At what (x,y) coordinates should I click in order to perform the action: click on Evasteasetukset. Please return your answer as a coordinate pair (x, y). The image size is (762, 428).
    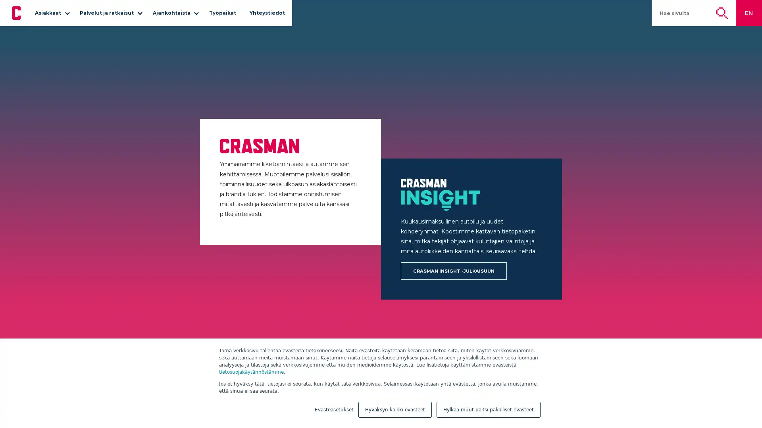
    Looking at the image, I should click on (334, 409).